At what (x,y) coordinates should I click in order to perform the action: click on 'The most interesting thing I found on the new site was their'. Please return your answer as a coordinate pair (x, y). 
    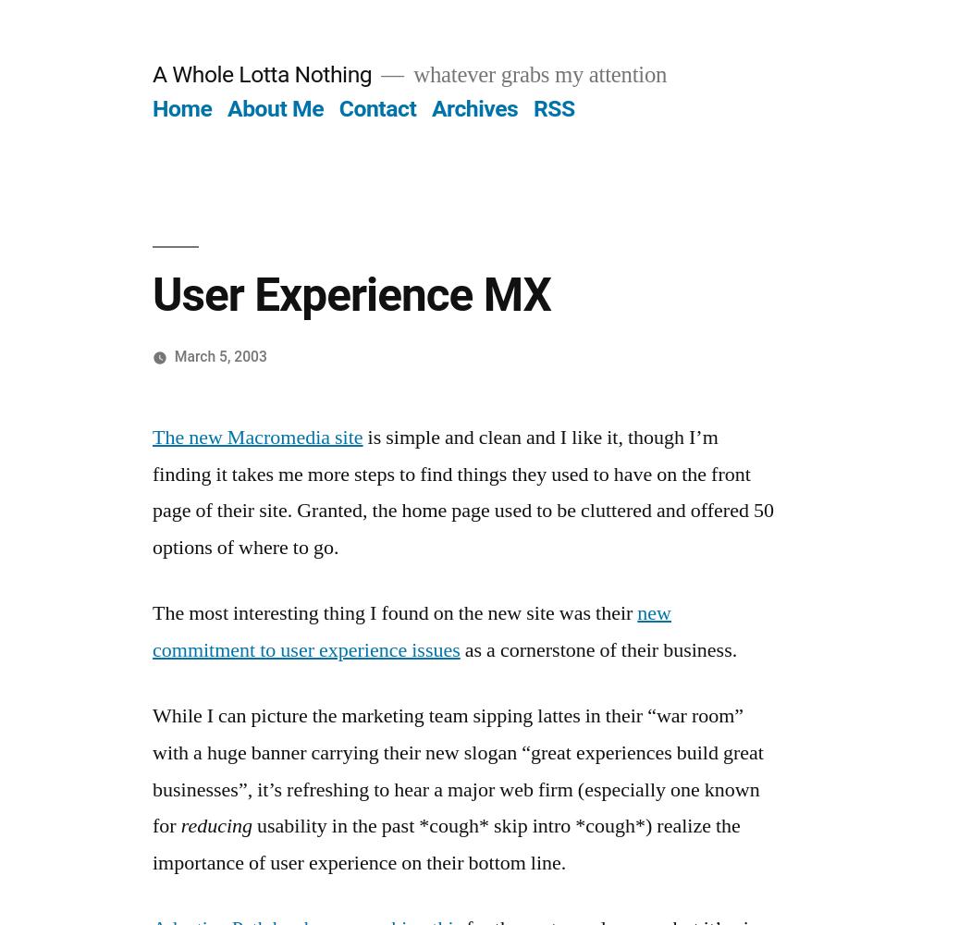
    Looking at the image, I should click on (394, 613).